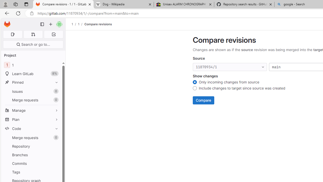 Image resolution: width=323 pixels, height=182 pixels. Describe the element at coordinates (31, 154) in the screenshot. I see `'Branches'` at that location.